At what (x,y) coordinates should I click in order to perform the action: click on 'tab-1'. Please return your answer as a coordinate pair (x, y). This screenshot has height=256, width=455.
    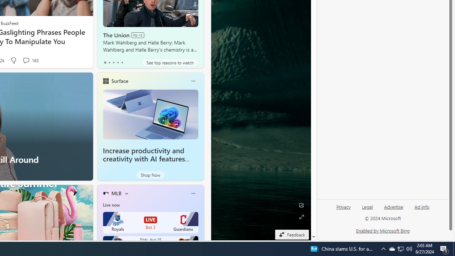
    Looking at the image, I should click on (109, 62).